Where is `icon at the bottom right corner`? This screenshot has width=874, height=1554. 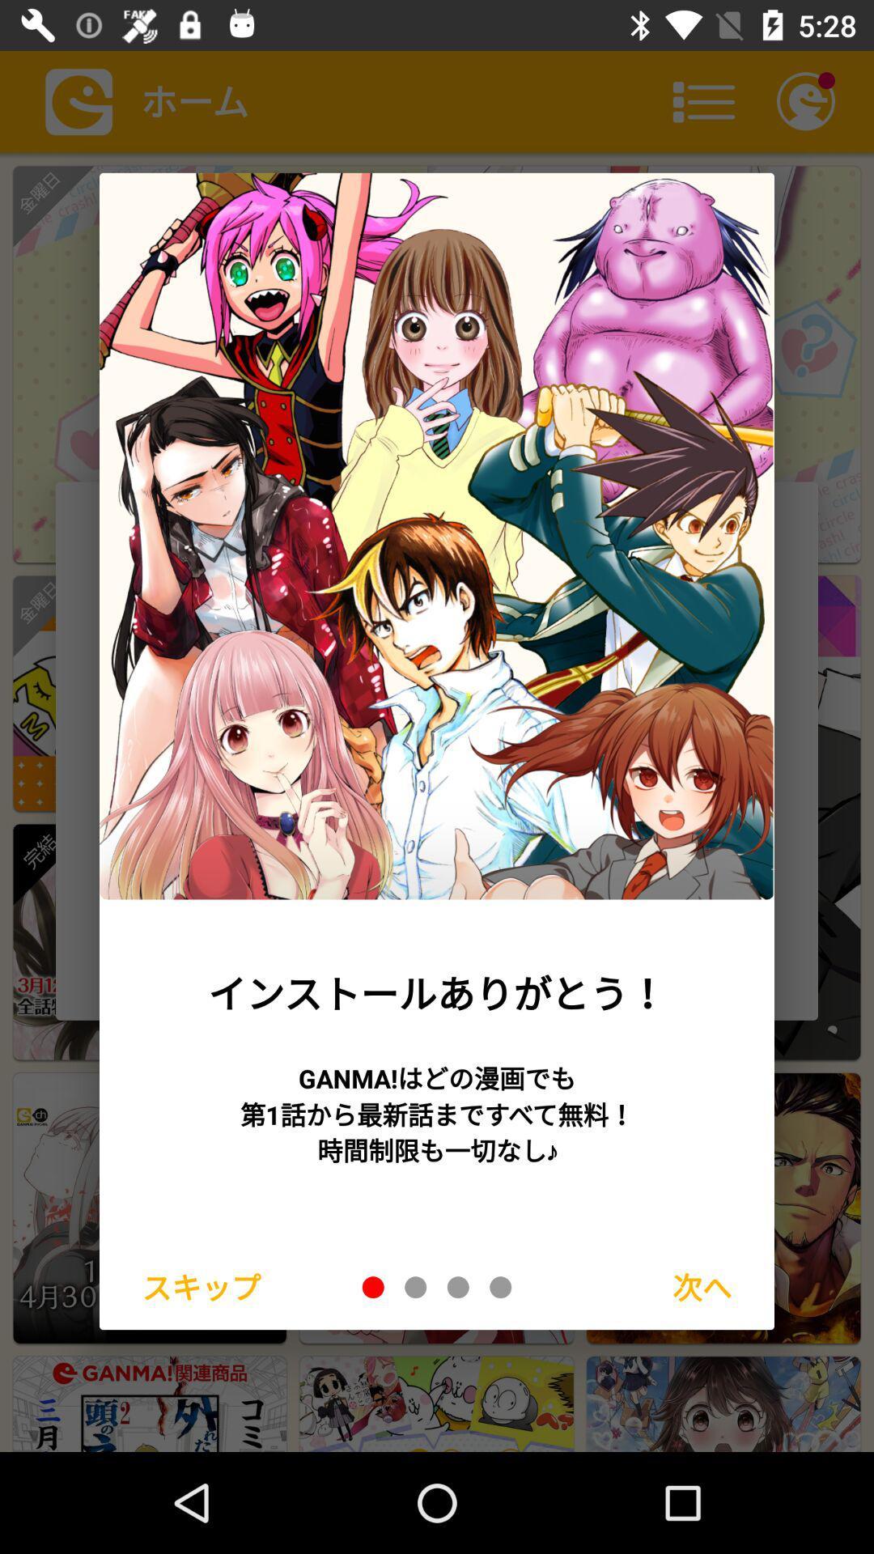
icon at the bottom right corner is located at coordinates (701, 1286).